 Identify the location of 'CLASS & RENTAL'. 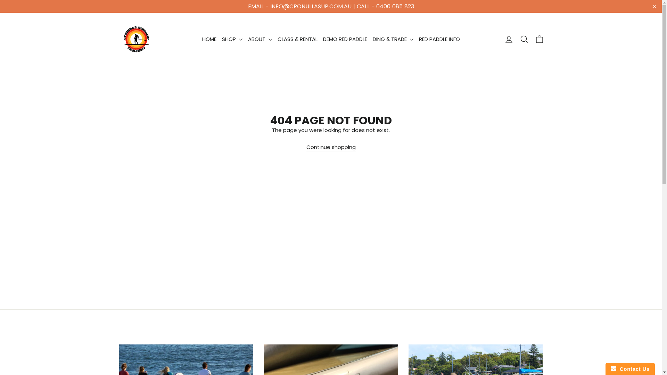
(274, 39).